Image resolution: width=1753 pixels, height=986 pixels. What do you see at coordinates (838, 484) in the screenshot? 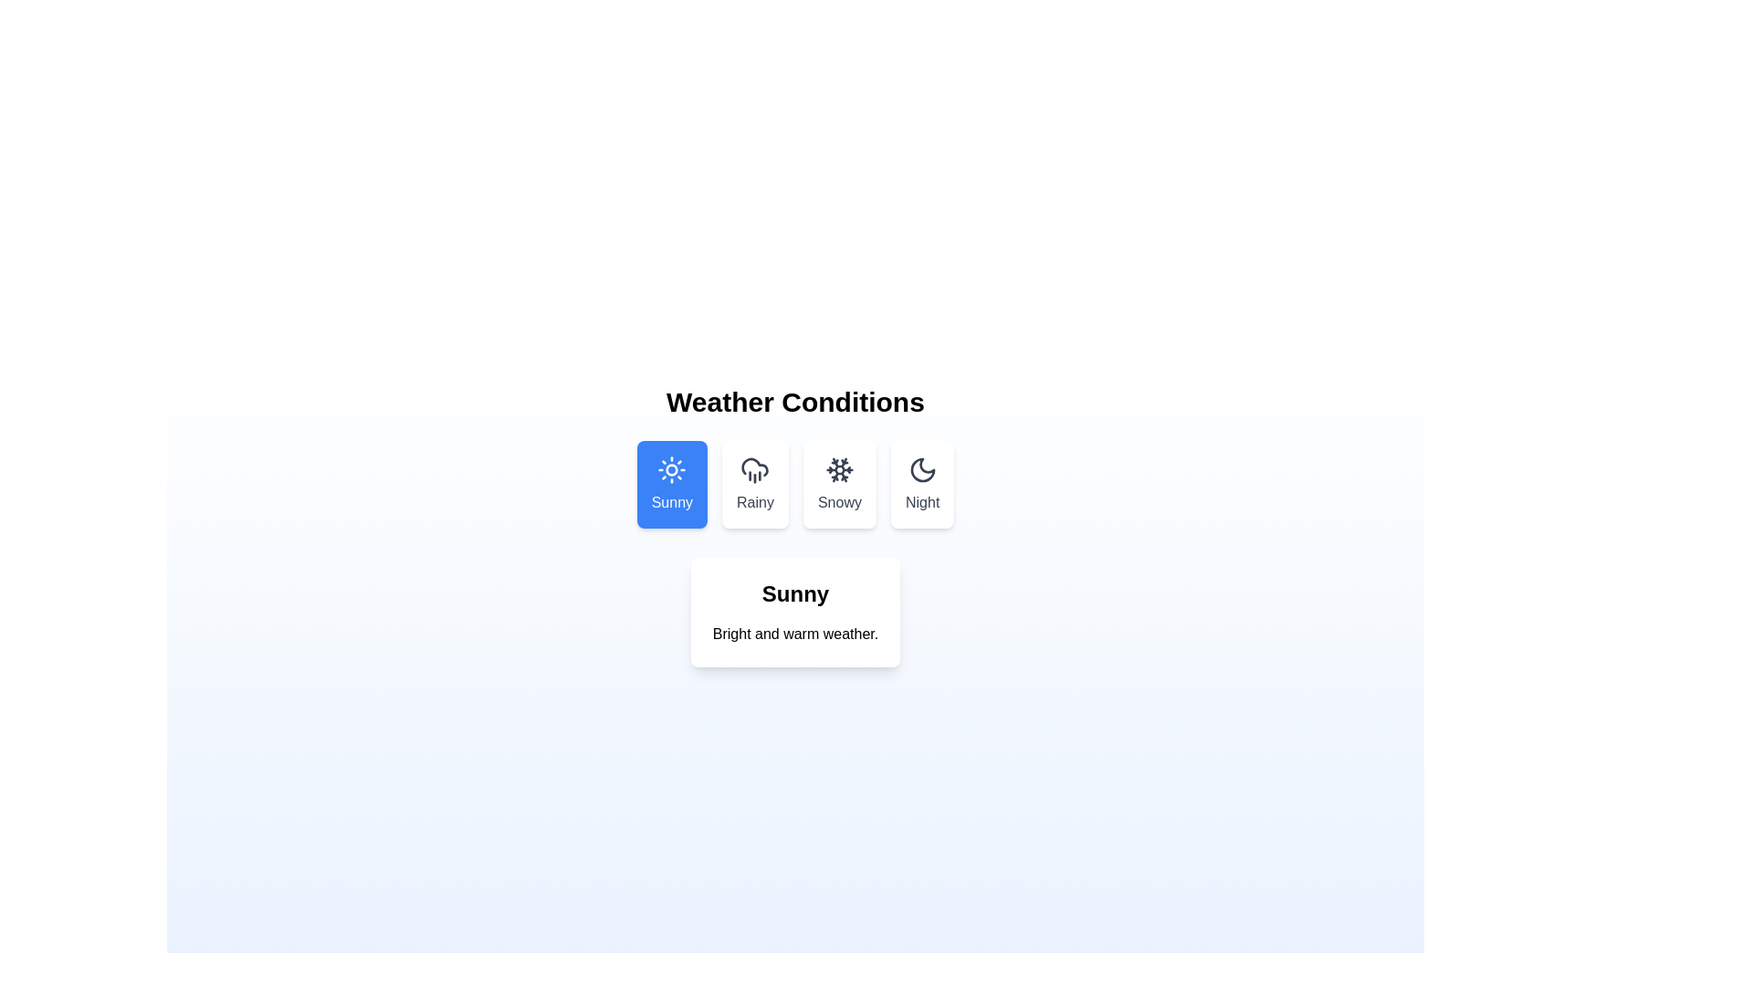
I see `the Snowy tab to view its weather condition` at bounding box center [838, 484].